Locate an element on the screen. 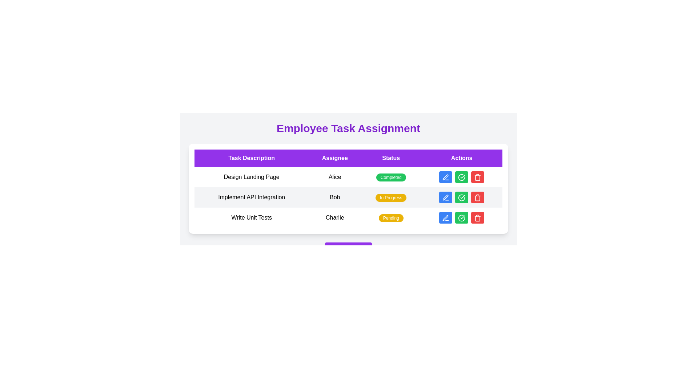  the blue square icon with a pen graphic in the 'Actions' column of the second row associated with the task 'Implement API Integration' is located at coordinates (445, 197).